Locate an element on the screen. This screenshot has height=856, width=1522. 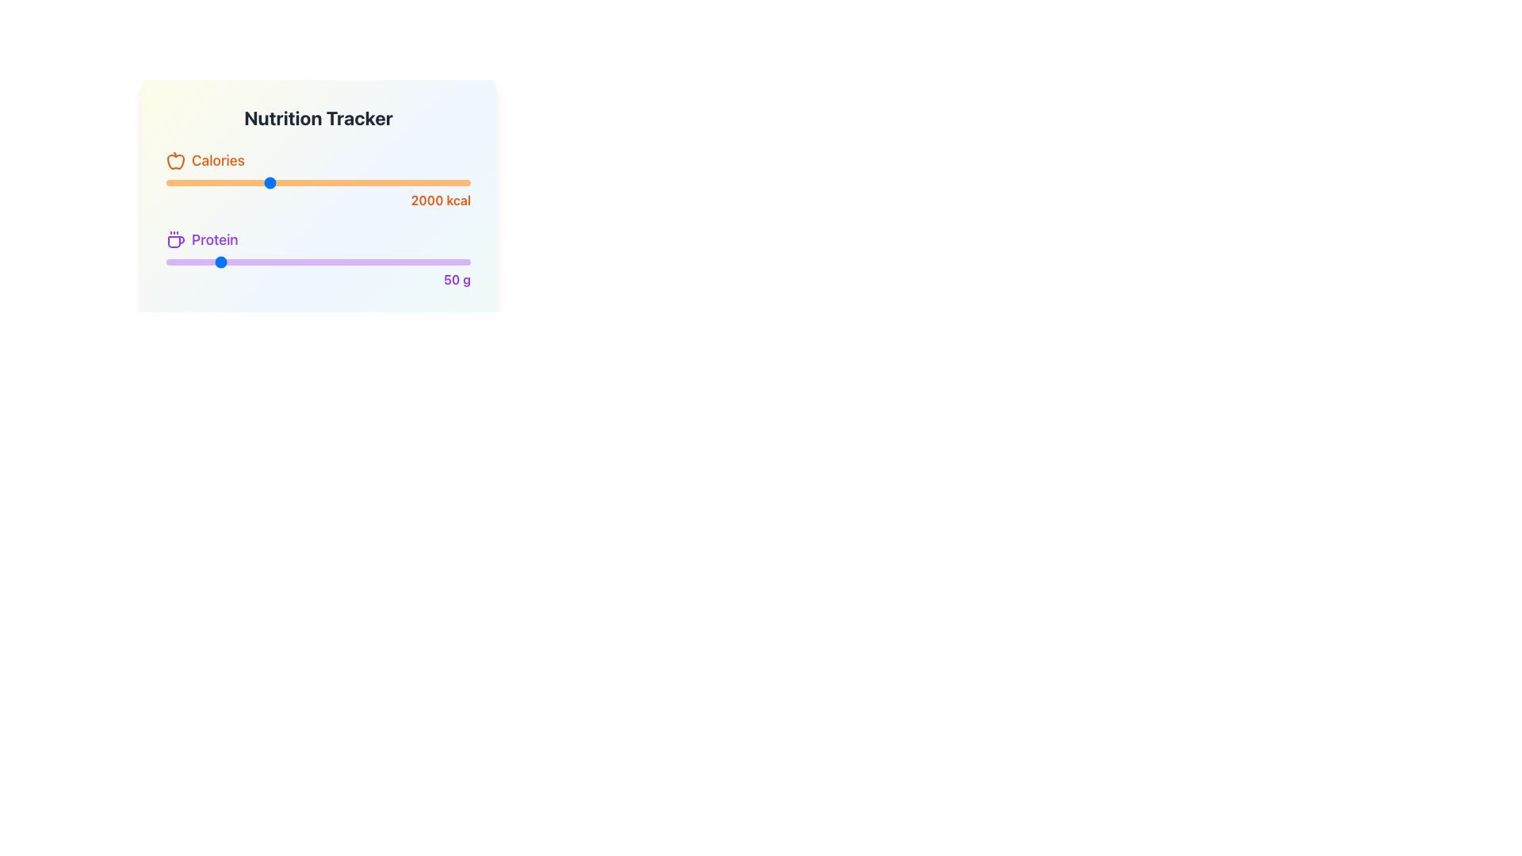
the decorative icon representing the protein section in the nutrition tracker interface, located to the left of the 'Protein' text is located at coordinates (175, 240).